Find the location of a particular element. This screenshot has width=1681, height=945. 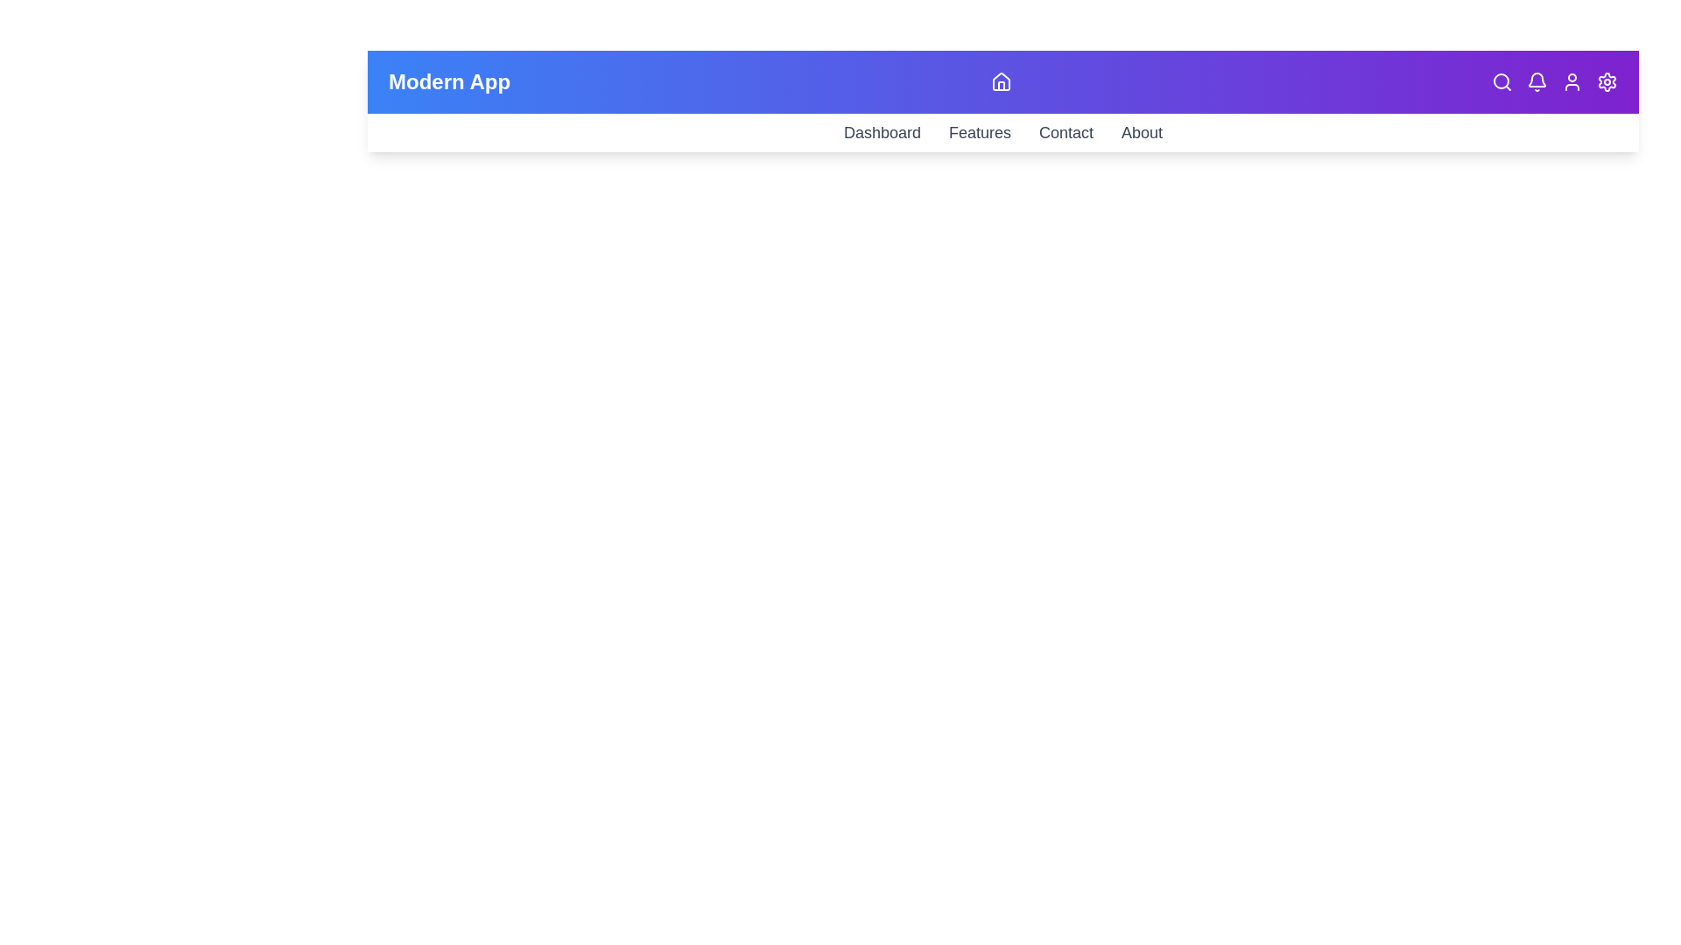

the Bell icon to simulate its action is located at coordinates (1537, 81).